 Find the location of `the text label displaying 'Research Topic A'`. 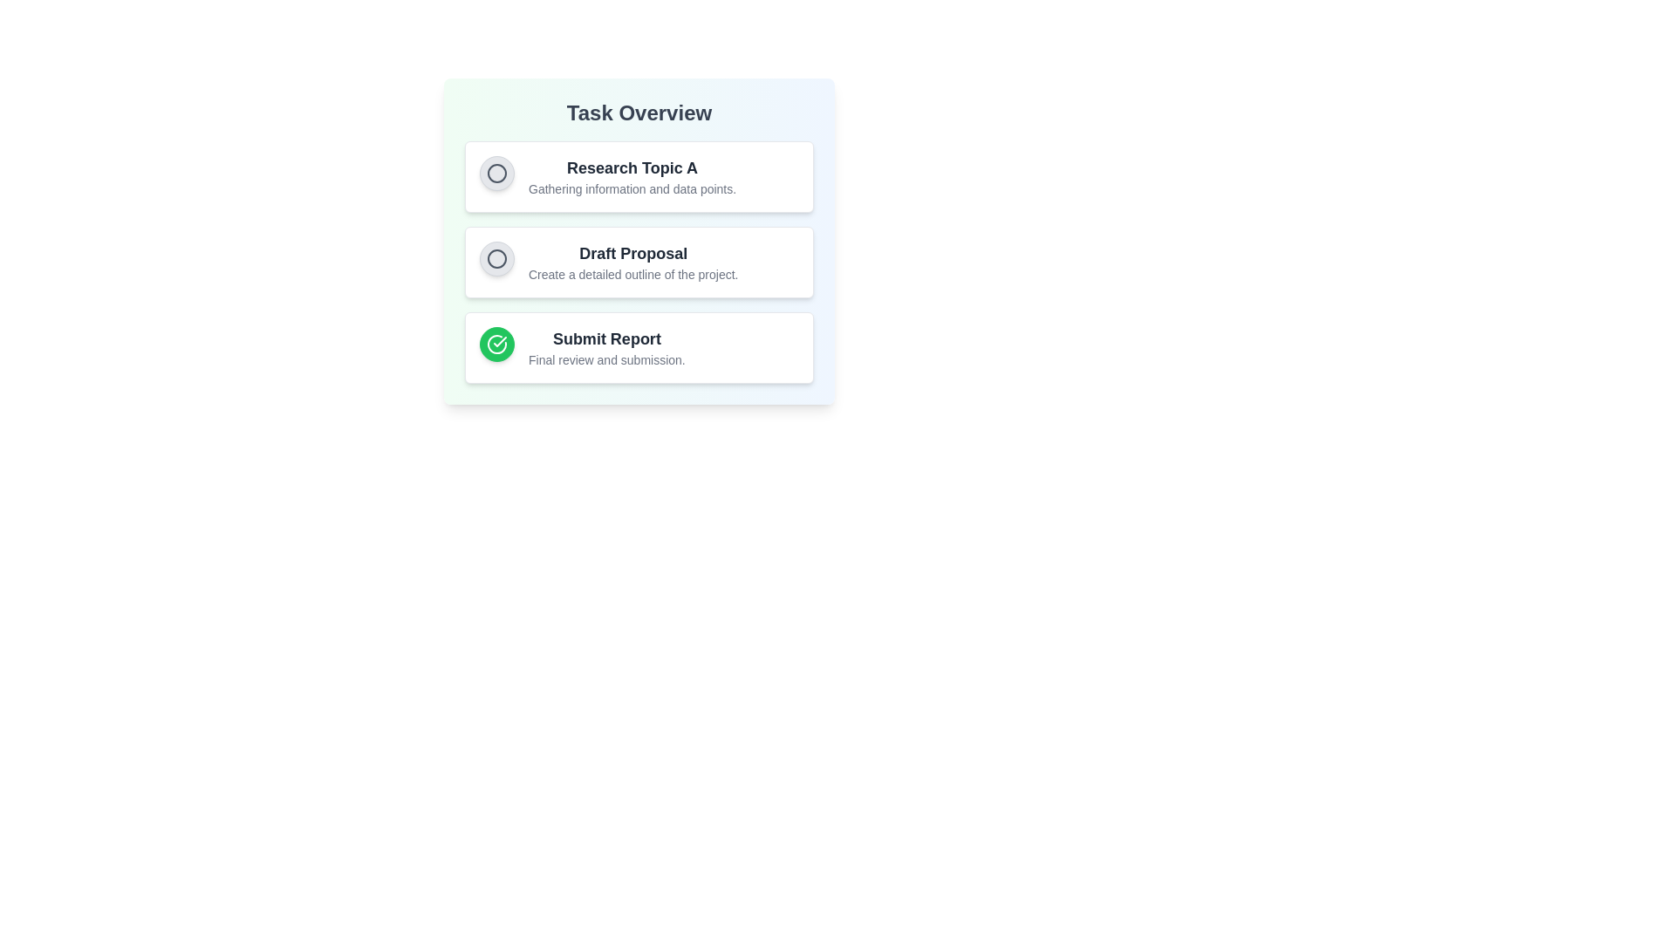

the text label displaying 'Research Topic A' is located at coordinates (631, 167).